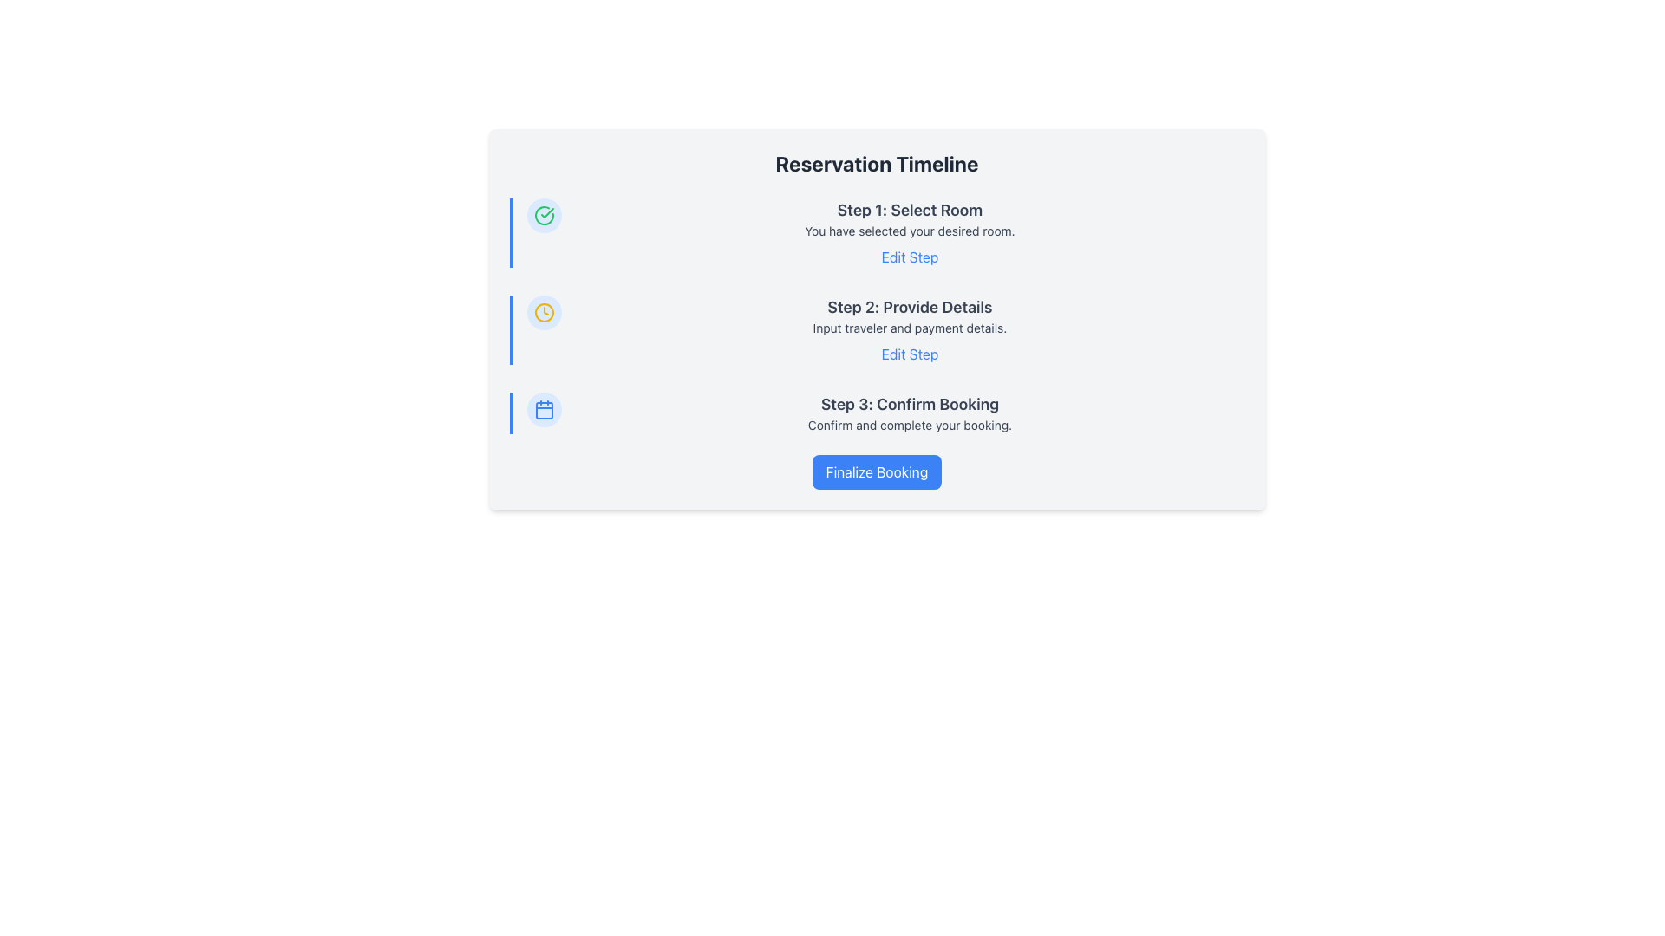  I want to click on the text label that reads 'You have selected your desired room.', which is positioned beneath the header 'Step 1: Select Room', so click(909, 230).